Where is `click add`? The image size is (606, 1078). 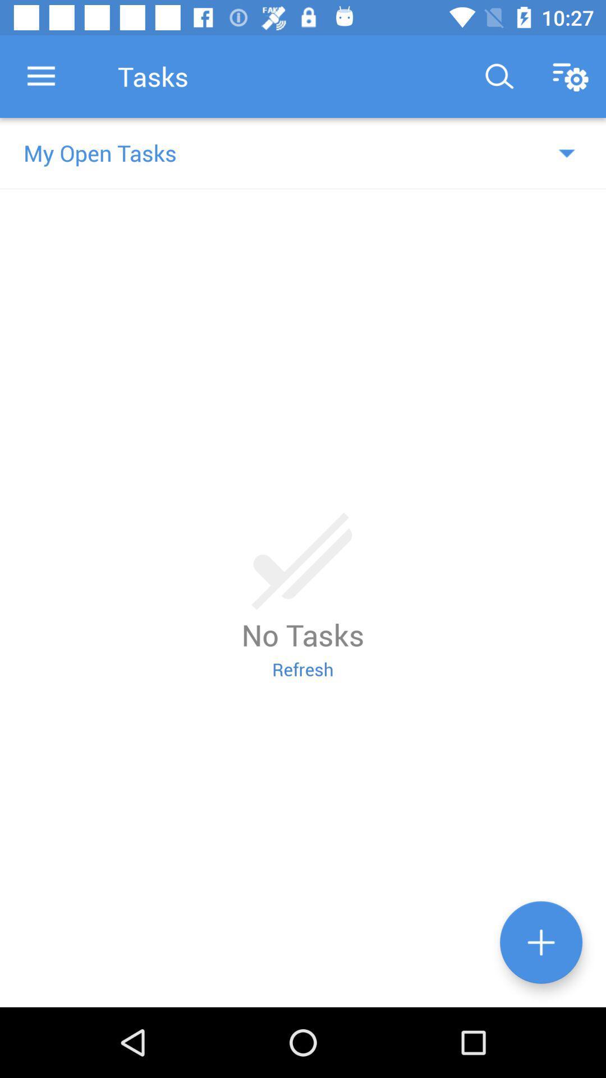
click add is located at coordinates (540, 942).